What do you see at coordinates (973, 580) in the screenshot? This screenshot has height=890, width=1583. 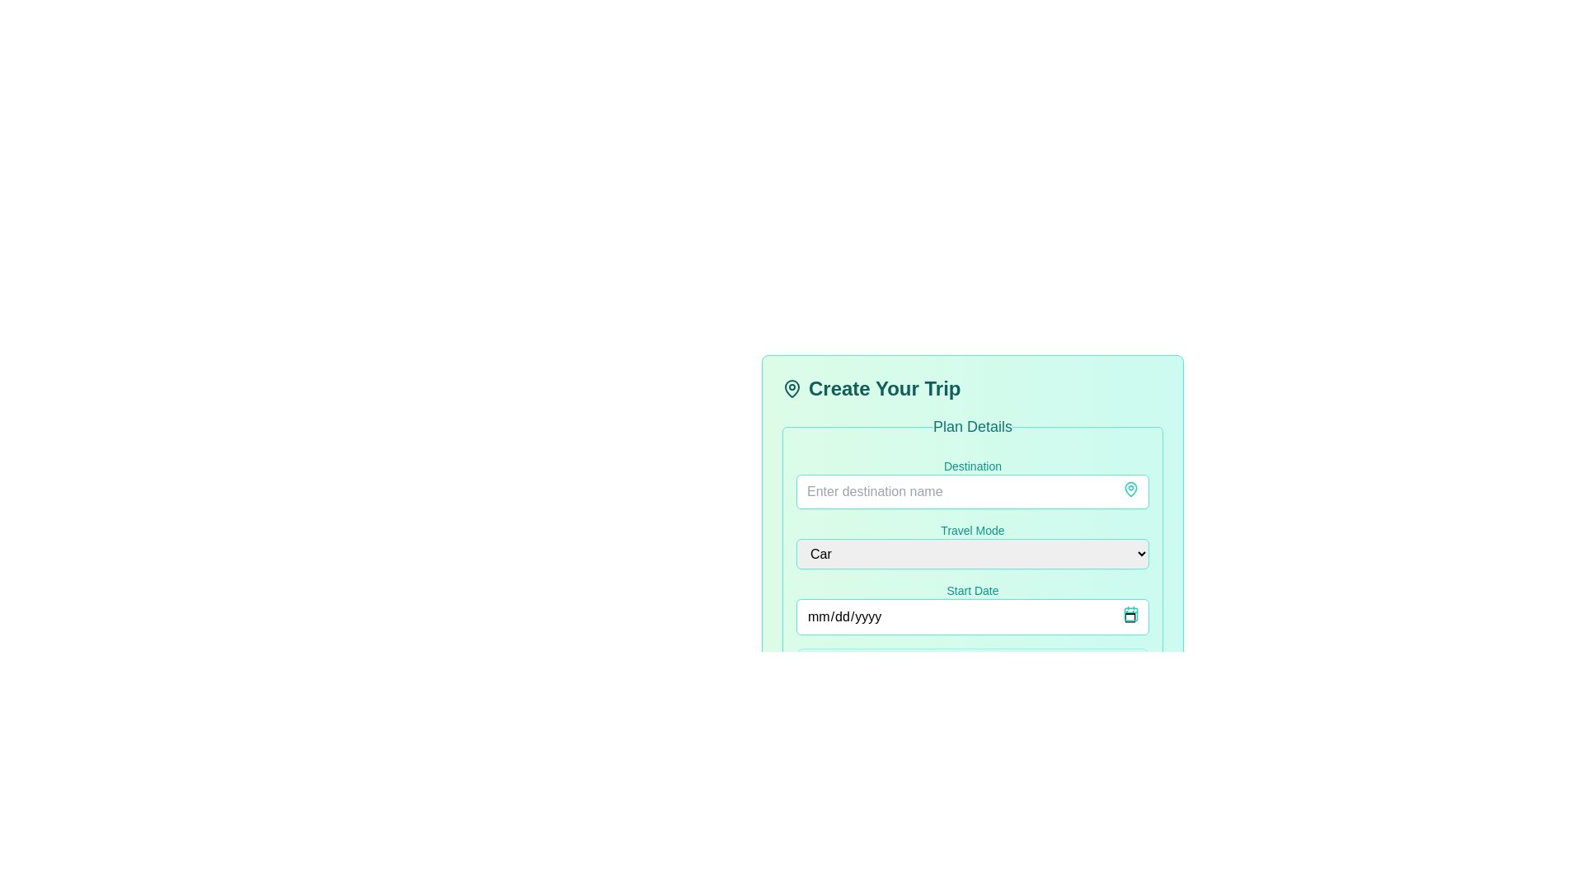 I see `the 'Start Date' field in the 'Plan Details' input form with a teal border and rounded corners to choose a start date` at bounding box center [973, 580].